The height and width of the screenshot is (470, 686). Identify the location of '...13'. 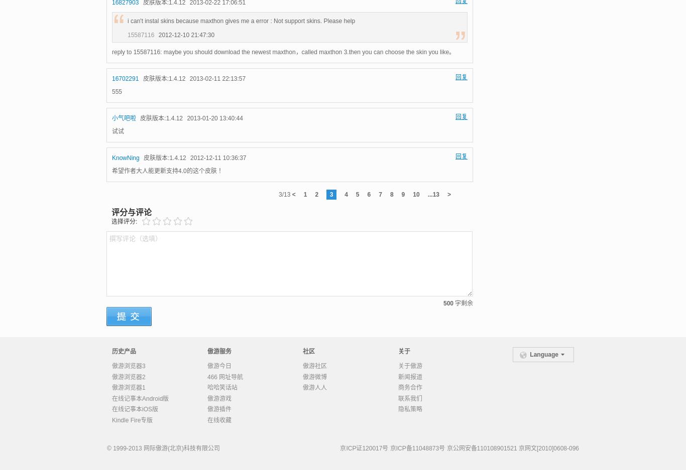
(432, 193).